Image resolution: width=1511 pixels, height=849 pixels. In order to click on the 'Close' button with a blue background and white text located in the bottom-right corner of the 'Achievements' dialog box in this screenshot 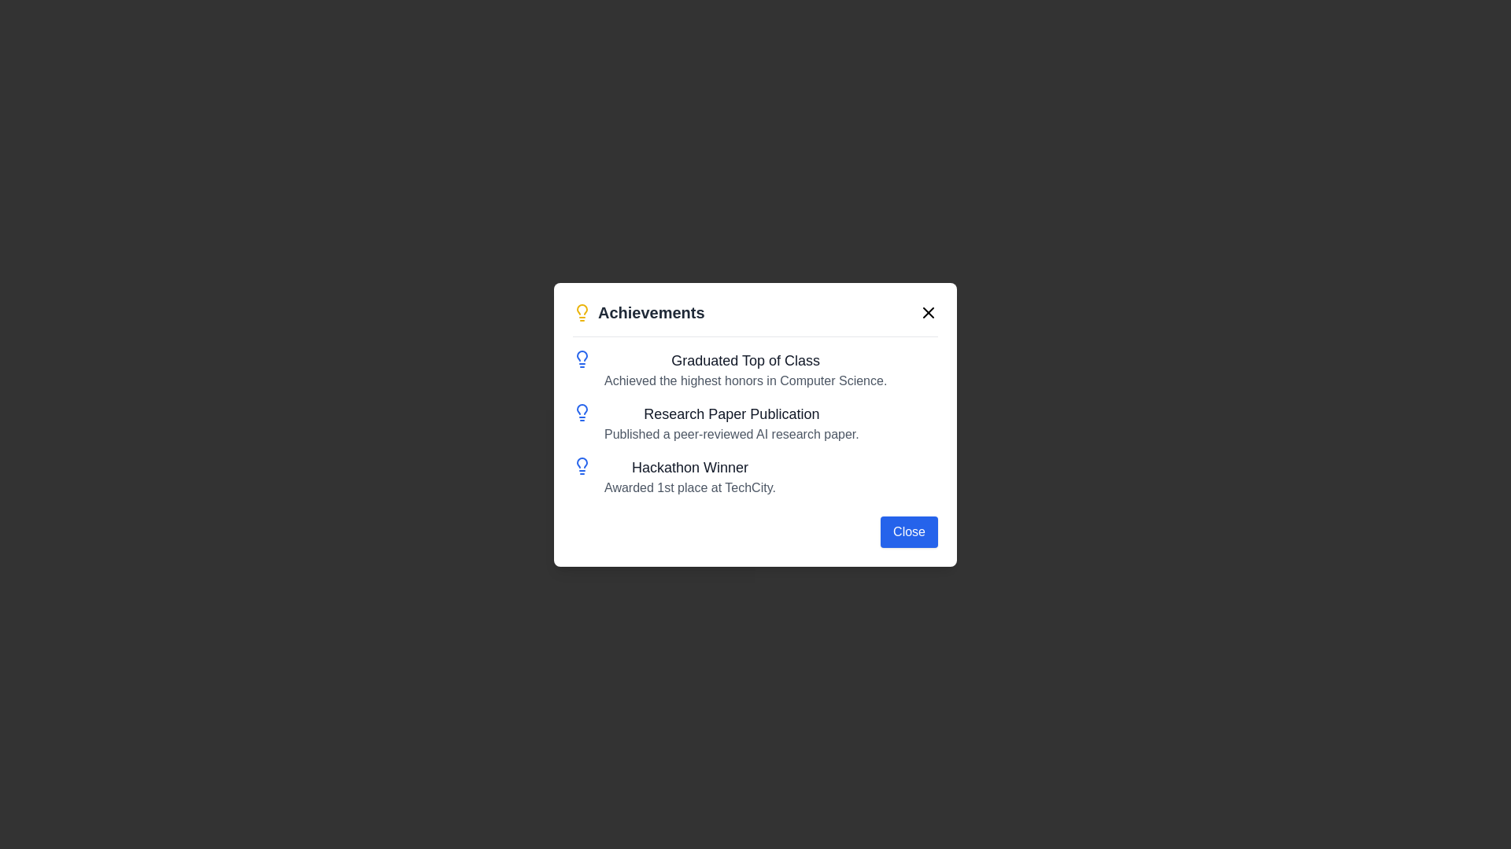, I will do `click(909, 531)`.